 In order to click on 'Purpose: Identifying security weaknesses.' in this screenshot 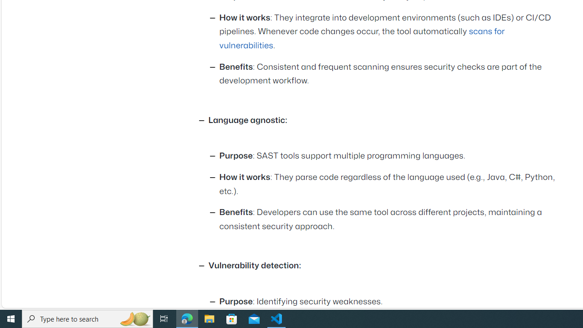, I will do `click(389, 302)`.